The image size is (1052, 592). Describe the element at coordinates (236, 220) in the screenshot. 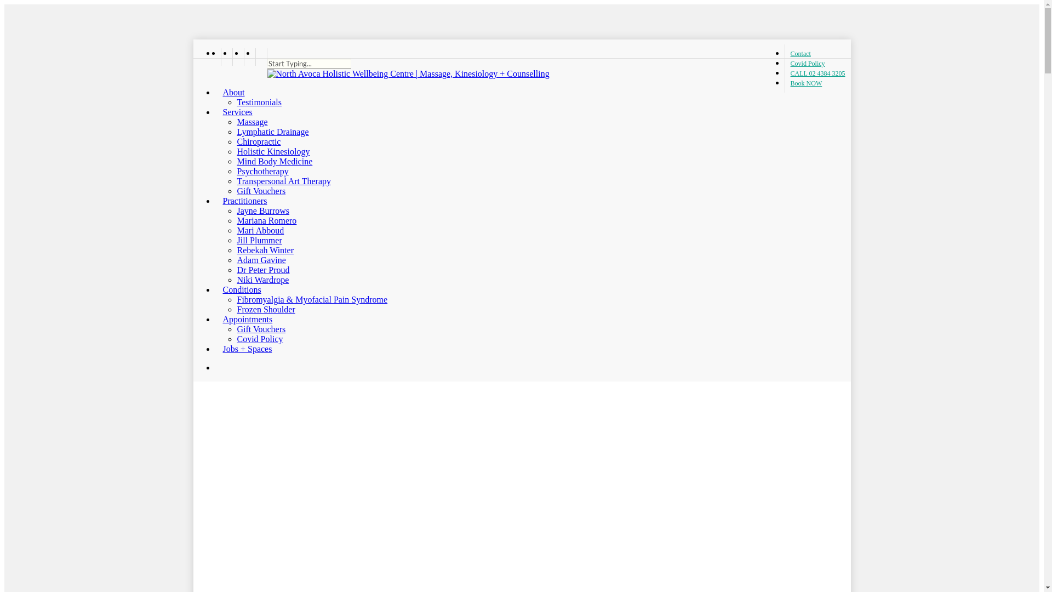

I see `'Mariana Romero'` at that location.